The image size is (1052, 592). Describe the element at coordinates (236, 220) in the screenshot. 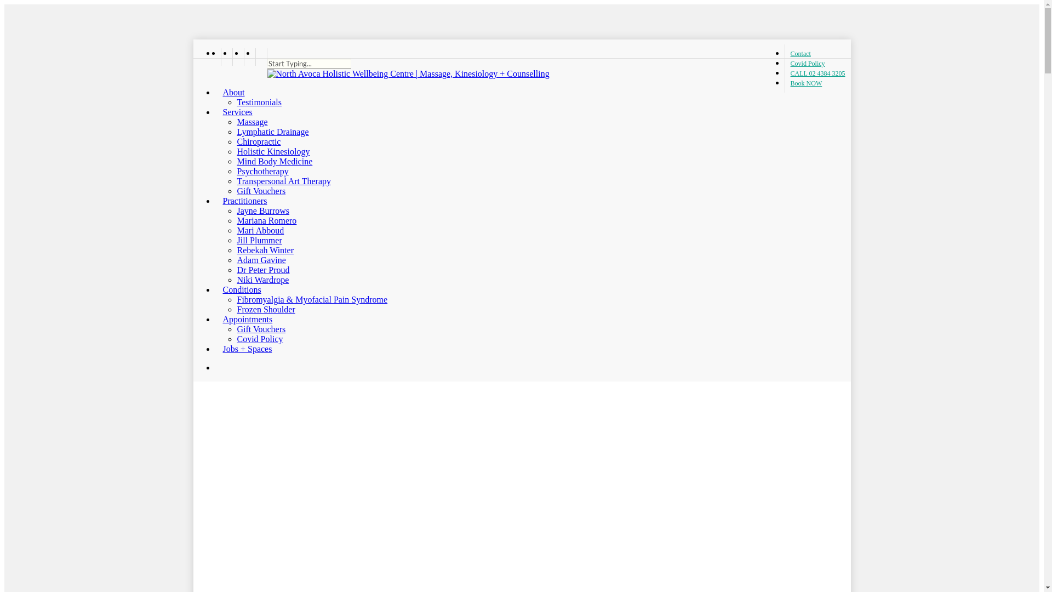

I see `'Mariana Romero'` at that location.